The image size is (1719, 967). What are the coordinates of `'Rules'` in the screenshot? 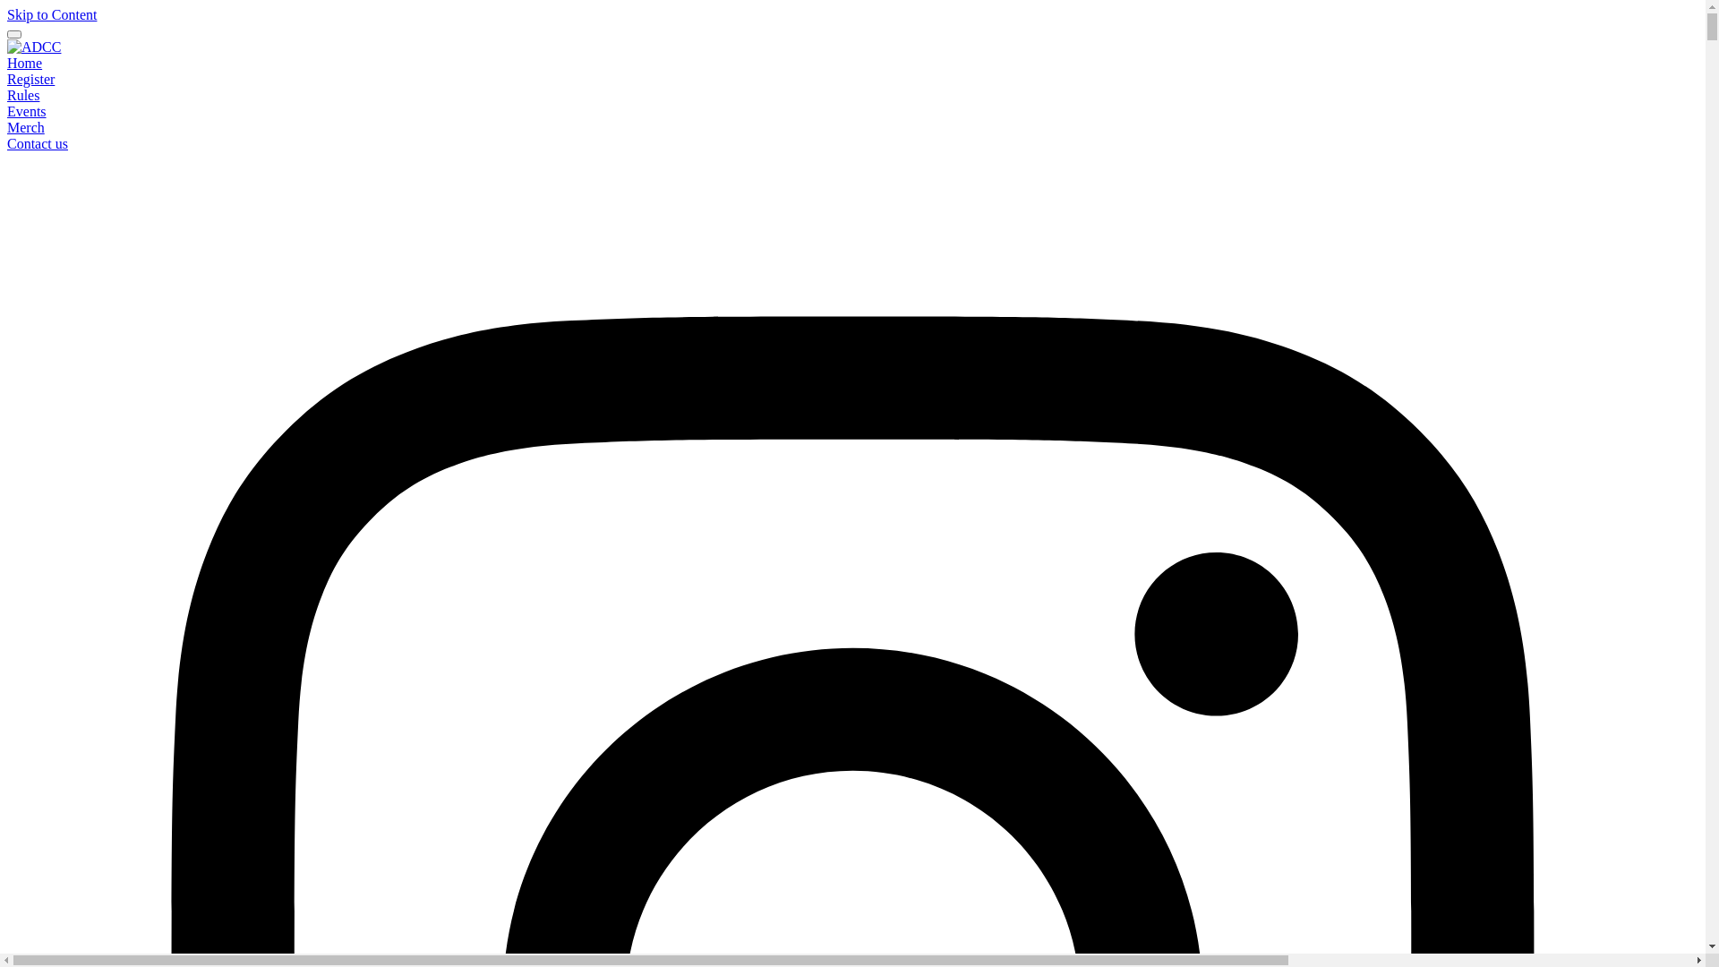 It's located at (7, 95).